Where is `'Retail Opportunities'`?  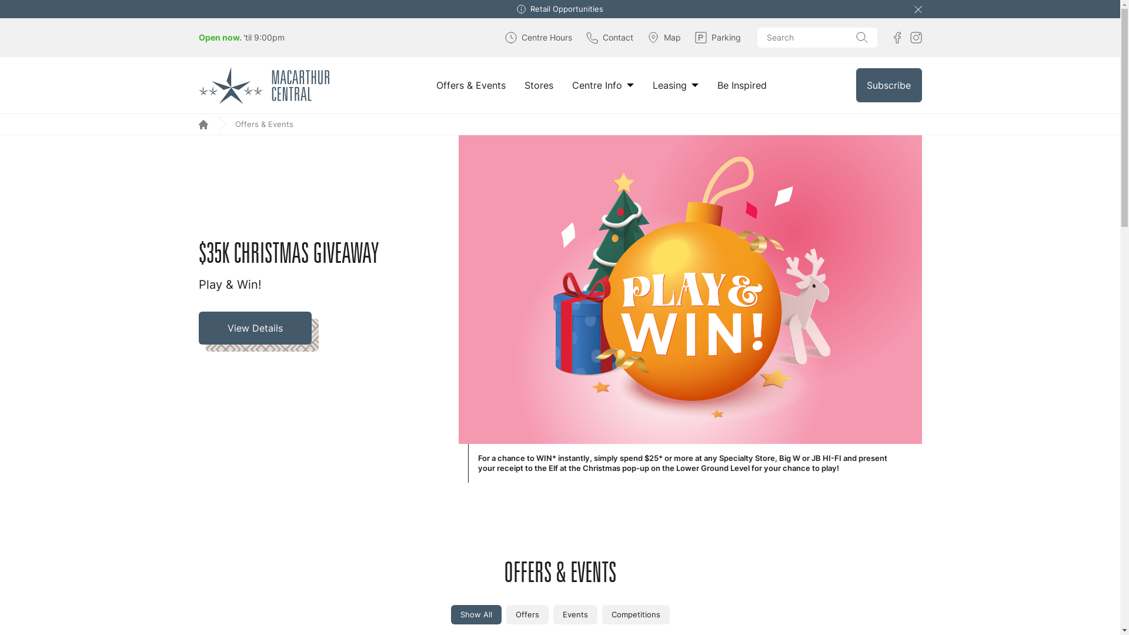
'Retail Opportunities' is located at coordinates (567, 9).